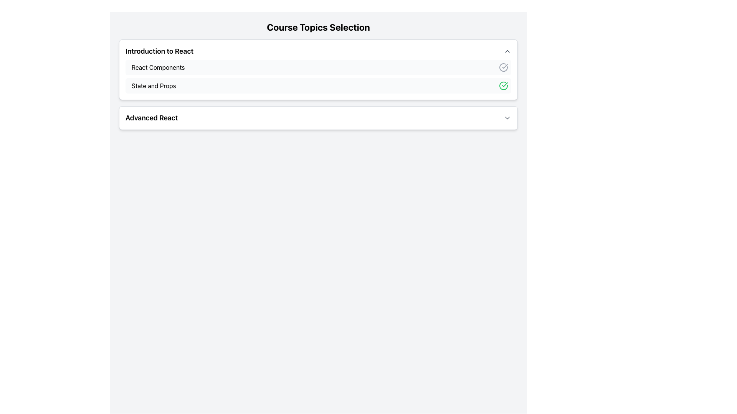  Describe the element at coordinates (507, 118) in the screenshot. I see `the toggle icon resembling a downward-pointing chevron located to the right of the 'Advanced React' text in the header of a collapsible section` at that location.